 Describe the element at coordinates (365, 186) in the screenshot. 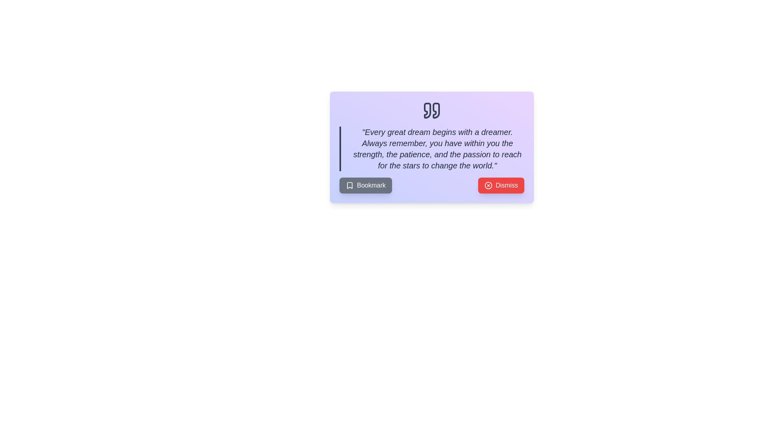

I see `the 'Bookmark' button located on the left side of a row of buttons, which has a gray background and white text` at that location.